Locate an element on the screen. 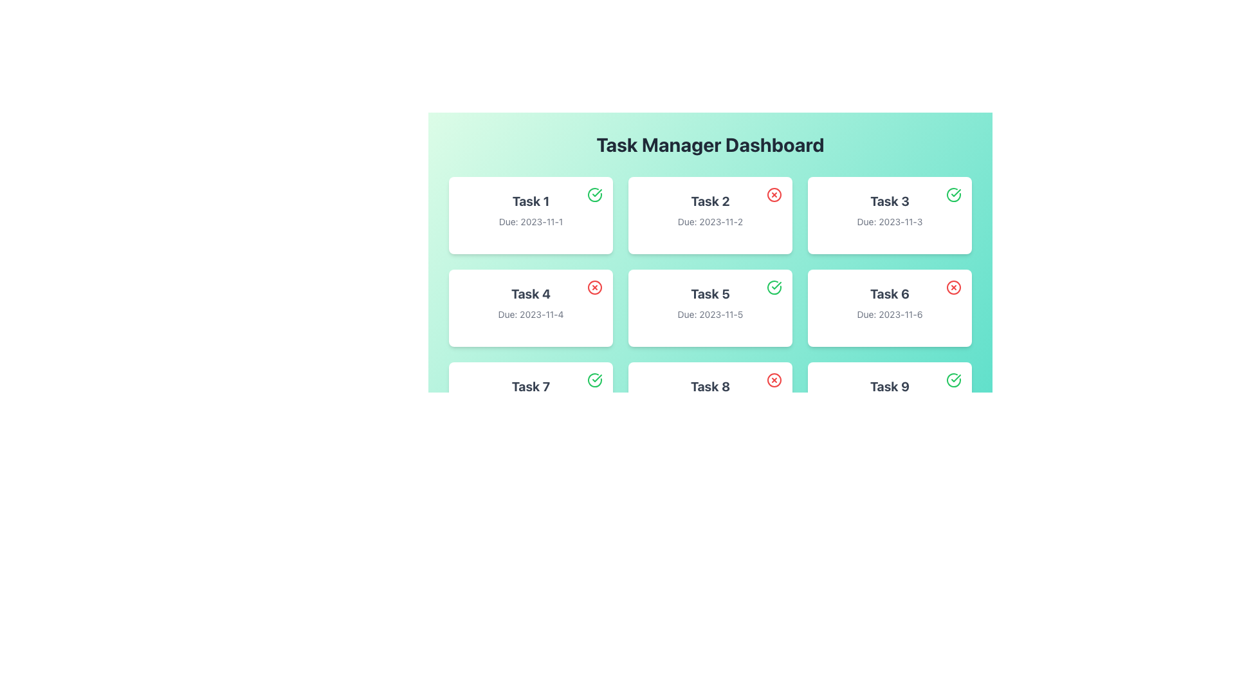 This screenshot has height=695, width=1235. the Circle element that signifies a close, remove, or error action associated with 'Task 2' is located at coordinates (774, 195).